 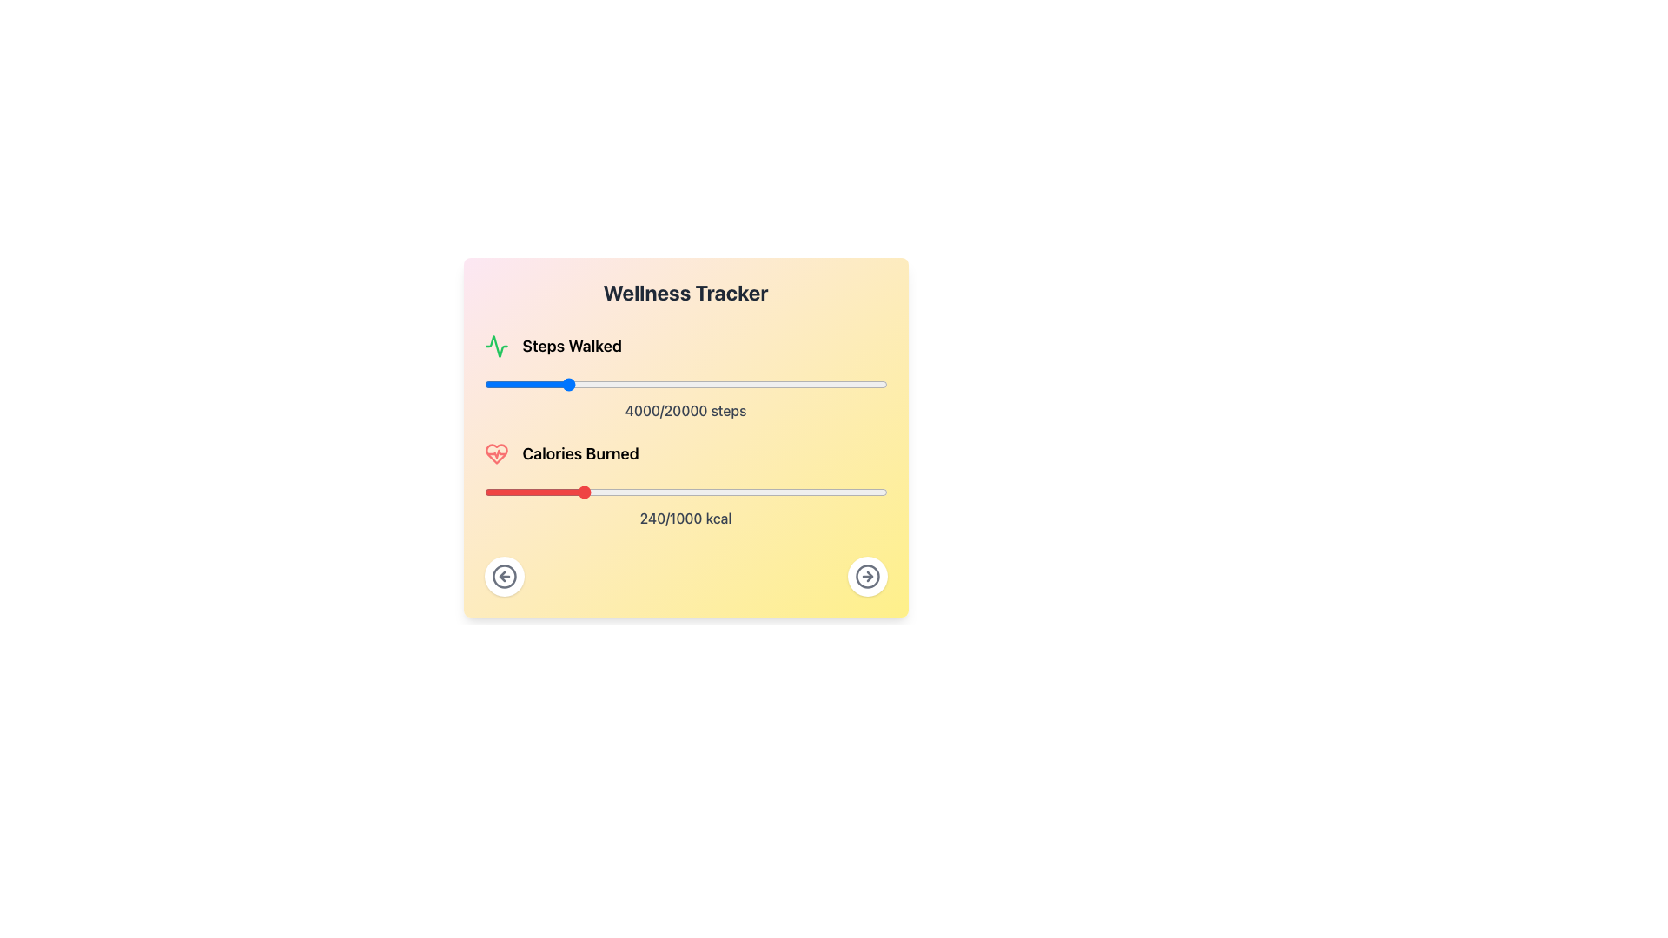 I want to click on the steps walked, so click(x=873, y=384).